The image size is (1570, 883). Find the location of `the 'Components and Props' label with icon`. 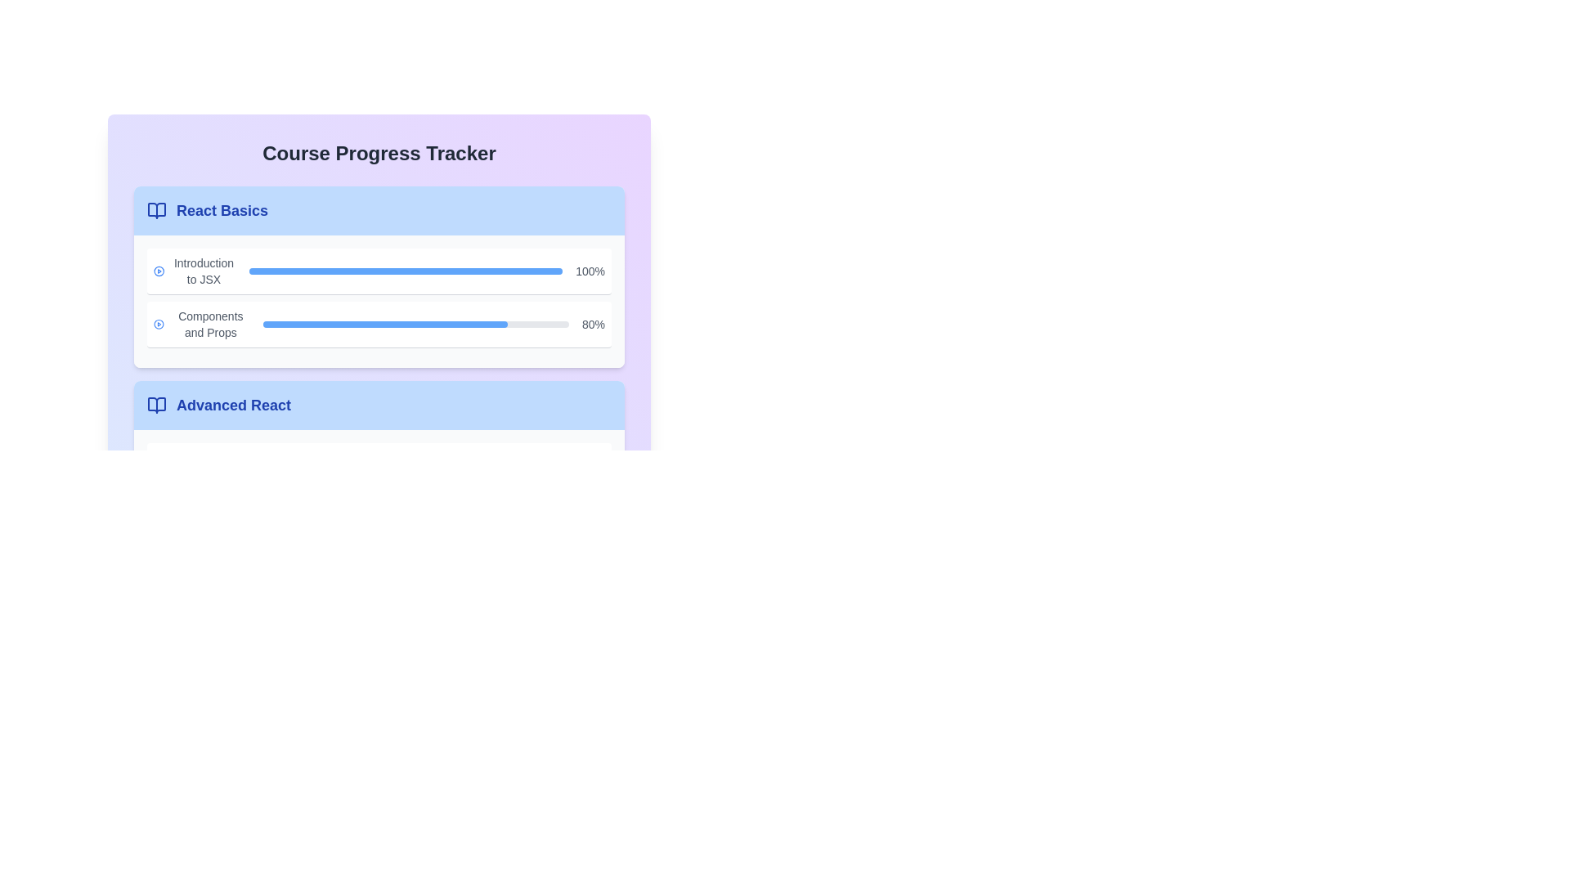

the 'Components and Props' label with icon is located at coordinates (201, 325).